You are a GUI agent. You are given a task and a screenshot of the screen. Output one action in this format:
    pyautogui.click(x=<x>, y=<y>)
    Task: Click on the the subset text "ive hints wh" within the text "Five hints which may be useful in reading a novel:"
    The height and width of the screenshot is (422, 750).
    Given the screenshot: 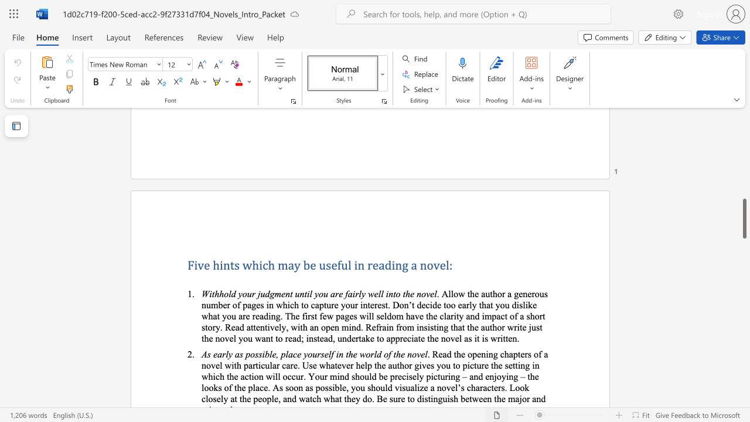 What is the action you would take?
    pyautogui.click(x=194, y=265)
    